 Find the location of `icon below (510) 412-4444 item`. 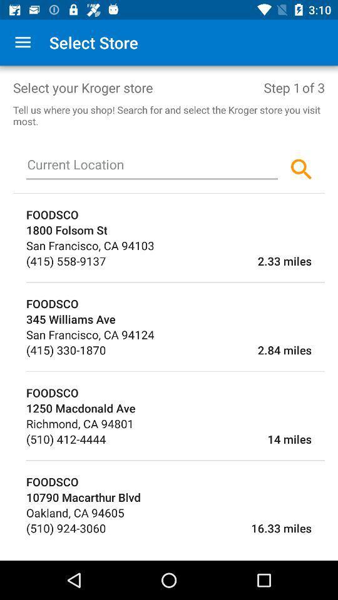

icon below (510) 412-4444 item is located at coordinates (175, 459).